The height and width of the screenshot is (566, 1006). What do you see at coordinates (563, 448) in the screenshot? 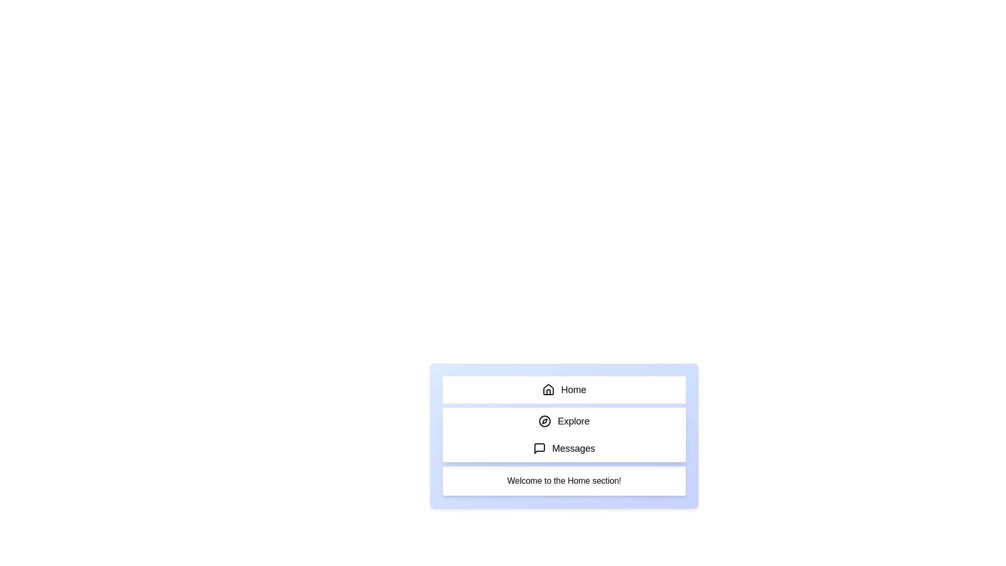
I see `the Messages tab to switch to it` at bounding box center [563, 448].